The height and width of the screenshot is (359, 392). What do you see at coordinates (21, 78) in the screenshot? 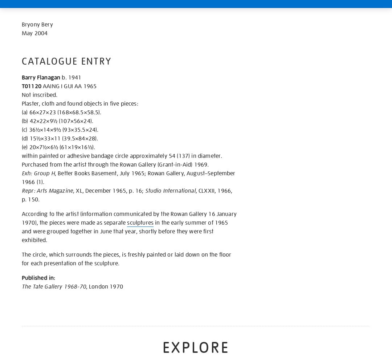
I see `'Barry Flanagan'` at bounding box center [21, 78].